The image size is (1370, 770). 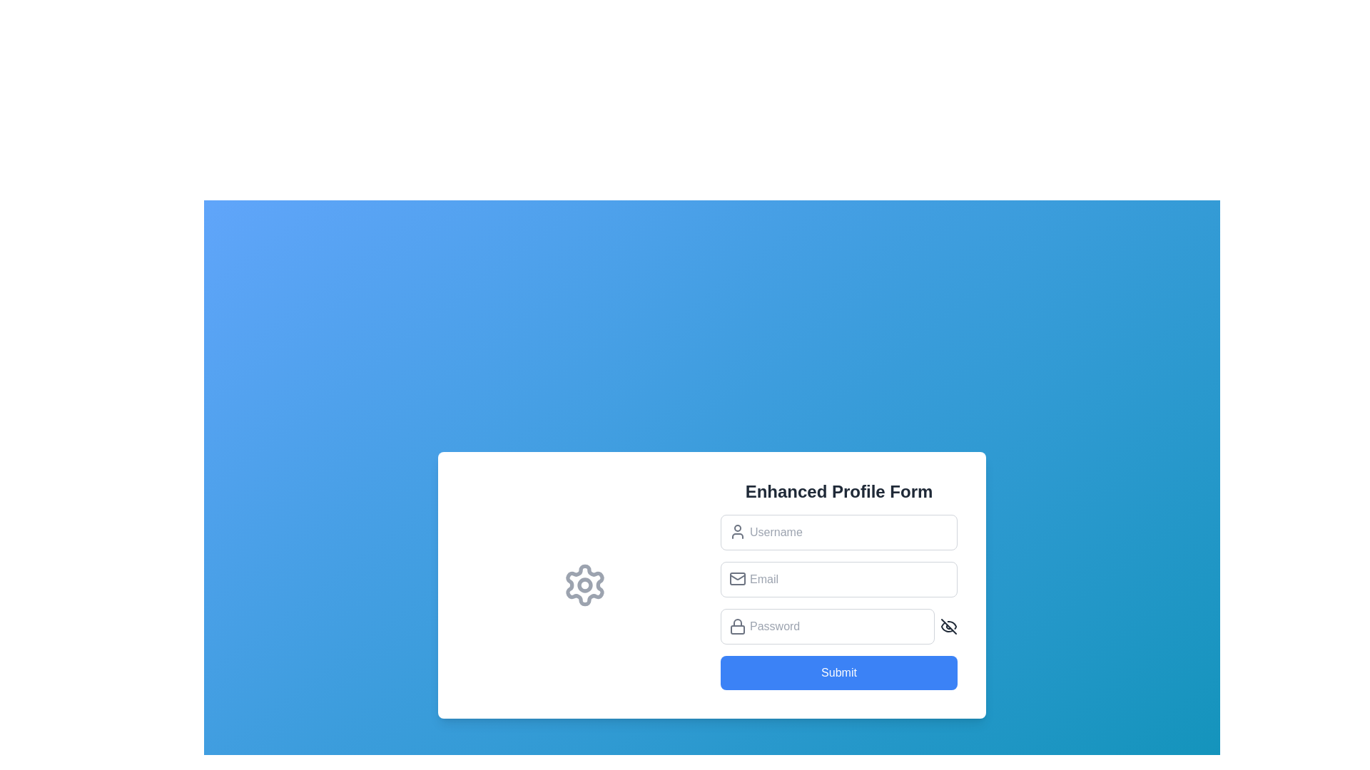 What do you see at coordinates (828, 626) in the screenshot?
I see `the Password input field, which is a text input with a rounded border and a placeholder that reads 'Password', located beneath the Username and Email fields` at bounding box center [828, 626].